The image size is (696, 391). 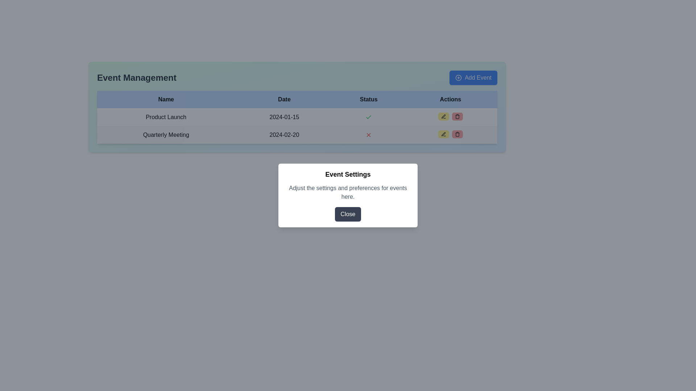 I want to click on the text display element that shows the date for 'Product Launch' in the 'Date' column of the table, so click(x=284, y=117).